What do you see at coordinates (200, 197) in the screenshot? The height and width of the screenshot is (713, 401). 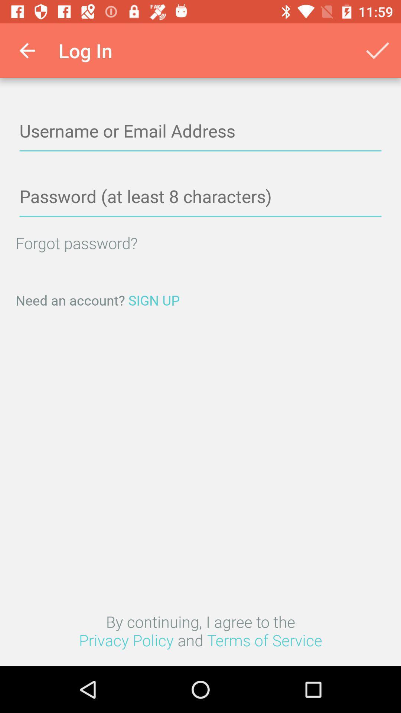 I see `password` at bounding box center [200, 197].